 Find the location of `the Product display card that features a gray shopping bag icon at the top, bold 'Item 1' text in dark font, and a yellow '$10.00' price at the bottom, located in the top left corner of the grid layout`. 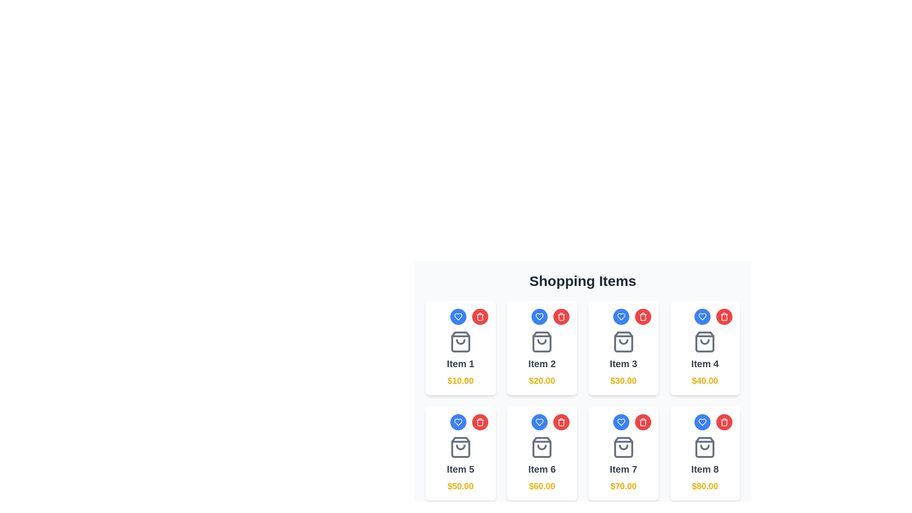

the Product display card that features a gray shopping bag icon at the top, bold 'Item 1' text in dark font, and a yellow '$10.00' price at the bottom, located in the top left corner of the grid layout is located at coordinates (460, 359).